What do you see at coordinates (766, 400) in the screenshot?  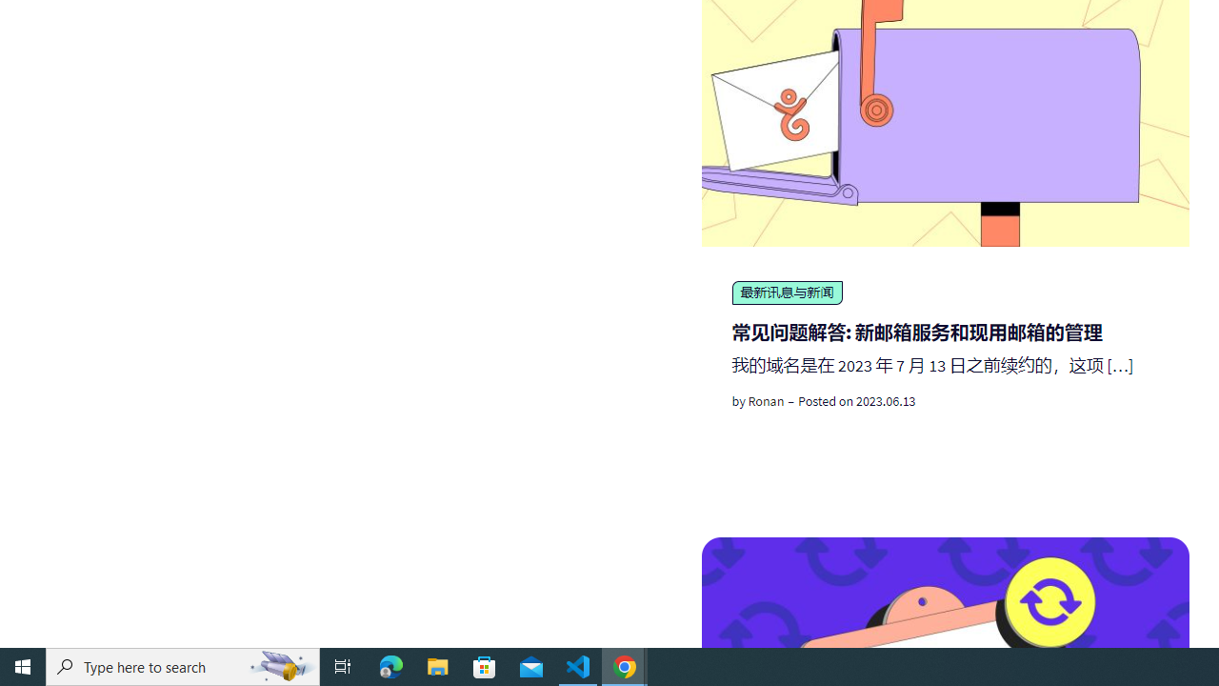 I see `'Ronan'` at bounding box center [766, 400].